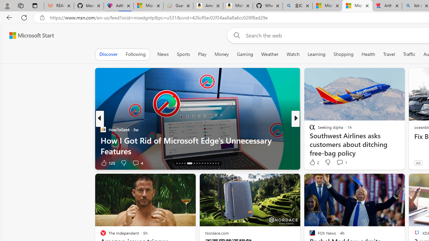 The image size is (429, 241). I want to click on 'View comments 20 Comment', so click(345, 163).